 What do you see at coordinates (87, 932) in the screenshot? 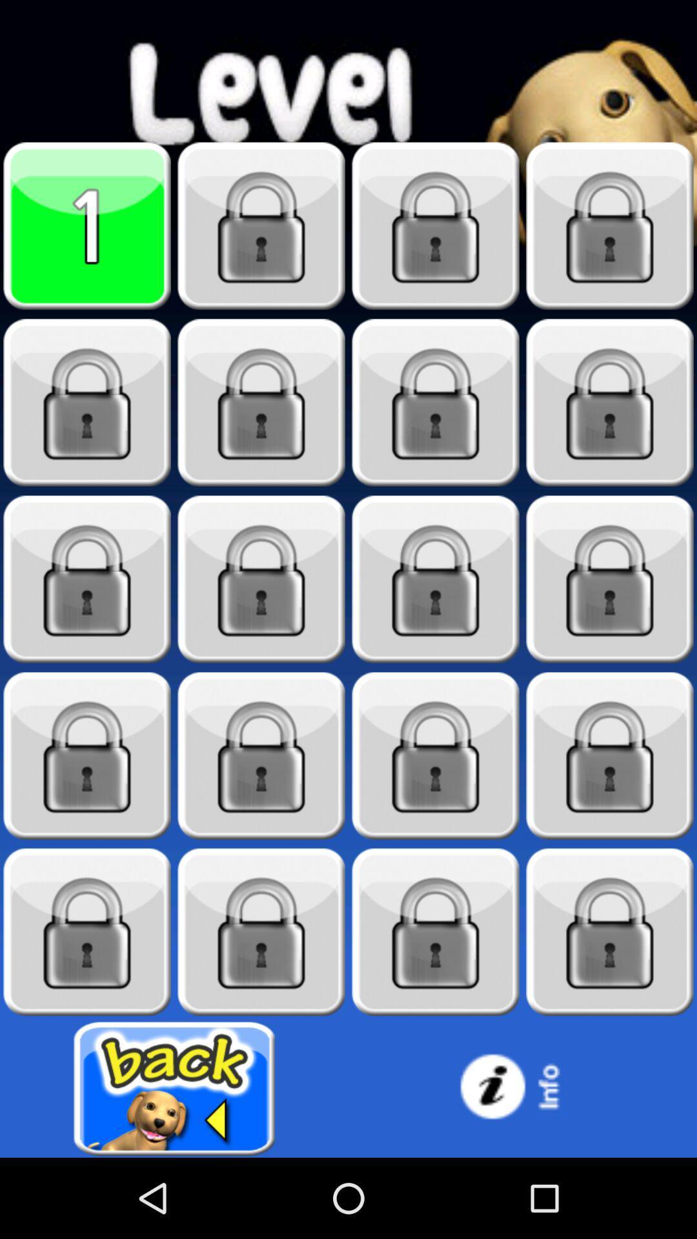
I see `level` at bounding box center [87, 932].